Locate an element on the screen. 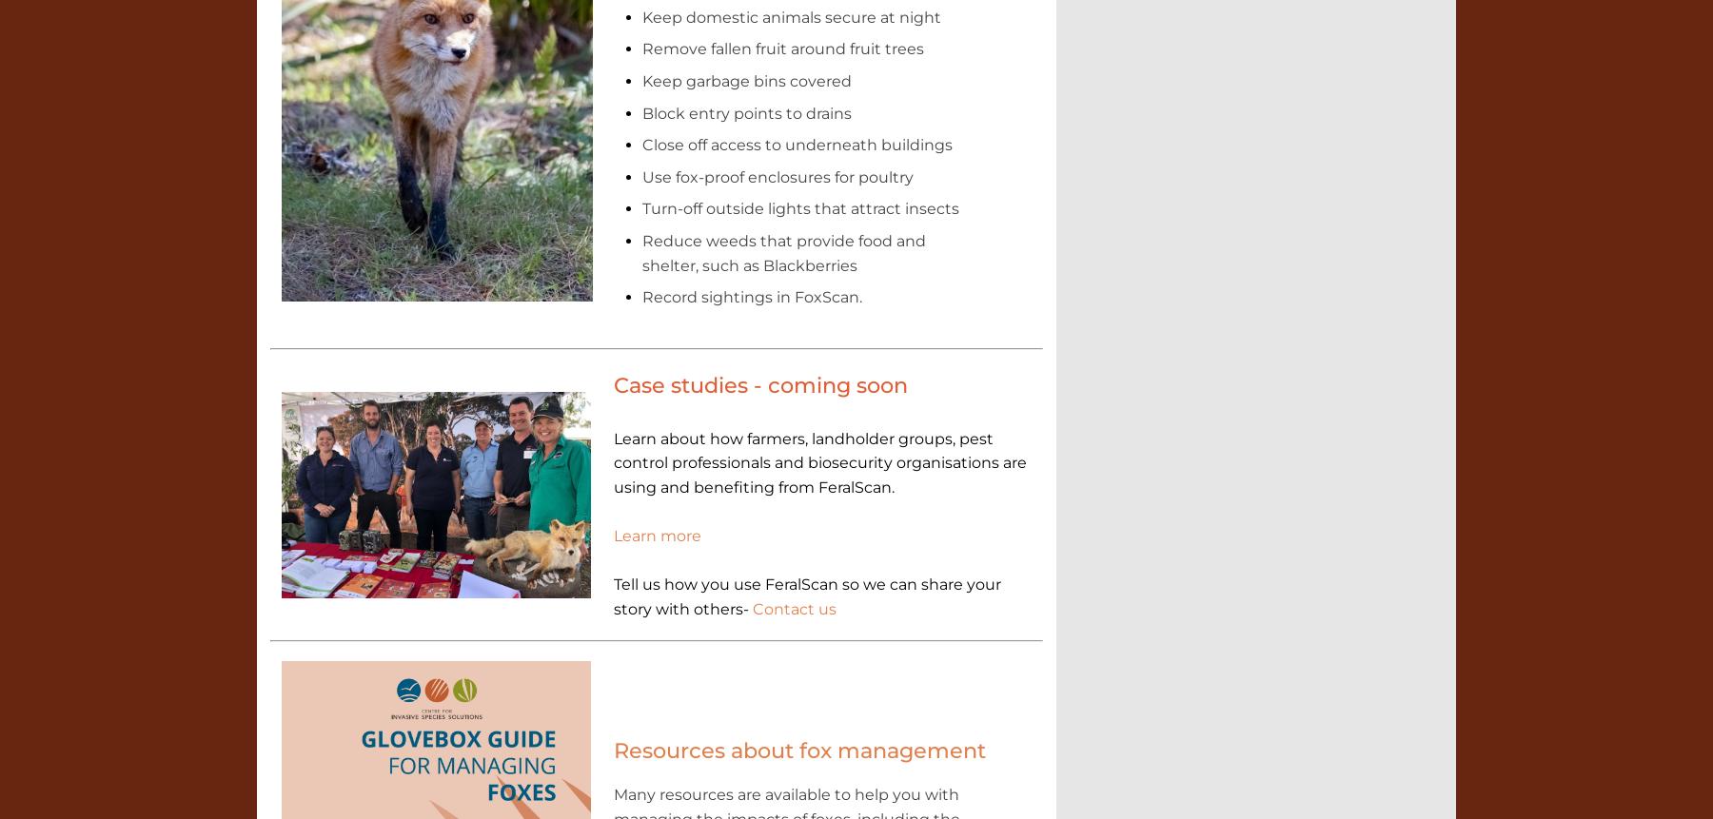  'Turn-off outside lights that attract insects' is located at coordinates (799, 207).